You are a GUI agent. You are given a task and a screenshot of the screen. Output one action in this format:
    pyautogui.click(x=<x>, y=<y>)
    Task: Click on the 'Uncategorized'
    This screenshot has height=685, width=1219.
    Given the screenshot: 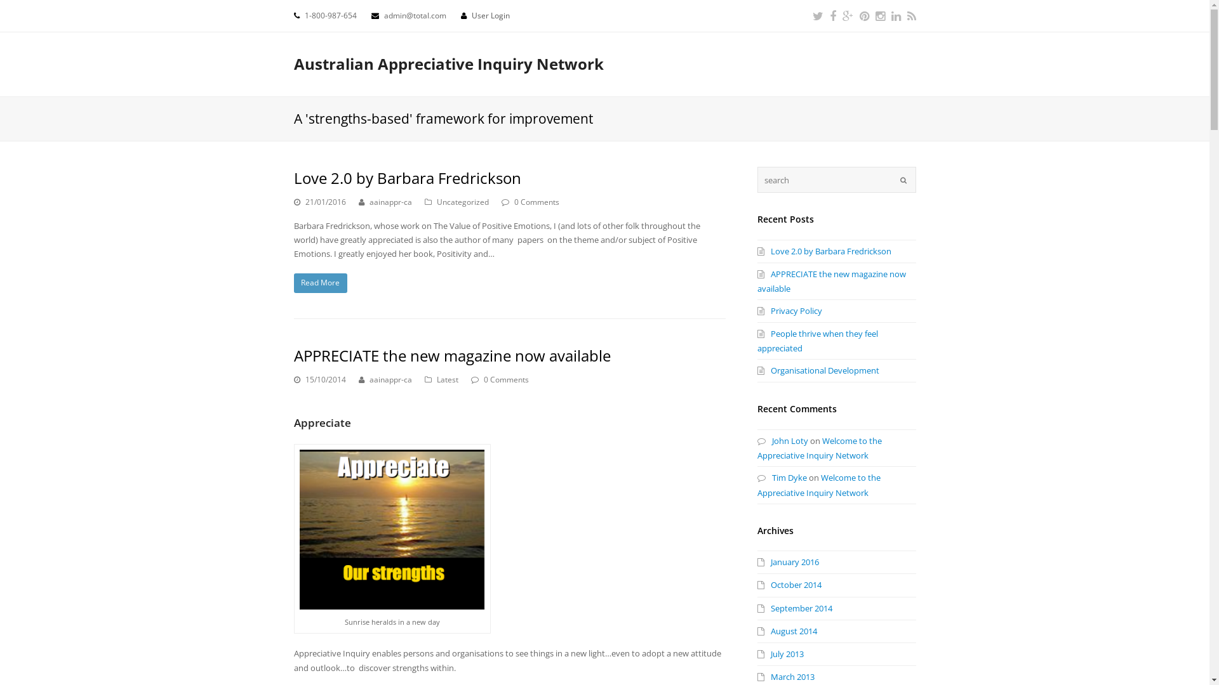 What is the action you would take?
    pyautogui.click(x=462, y=201)
    